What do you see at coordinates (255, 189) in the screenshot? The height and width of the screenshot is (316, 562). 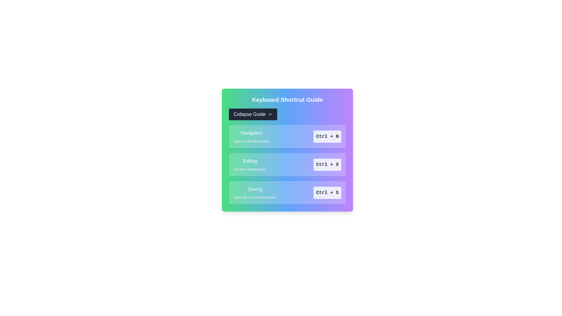 I see `the Text Label that indicates the option for saving the current document, located in the lower section of the interface` at bounding box center [255, 189].